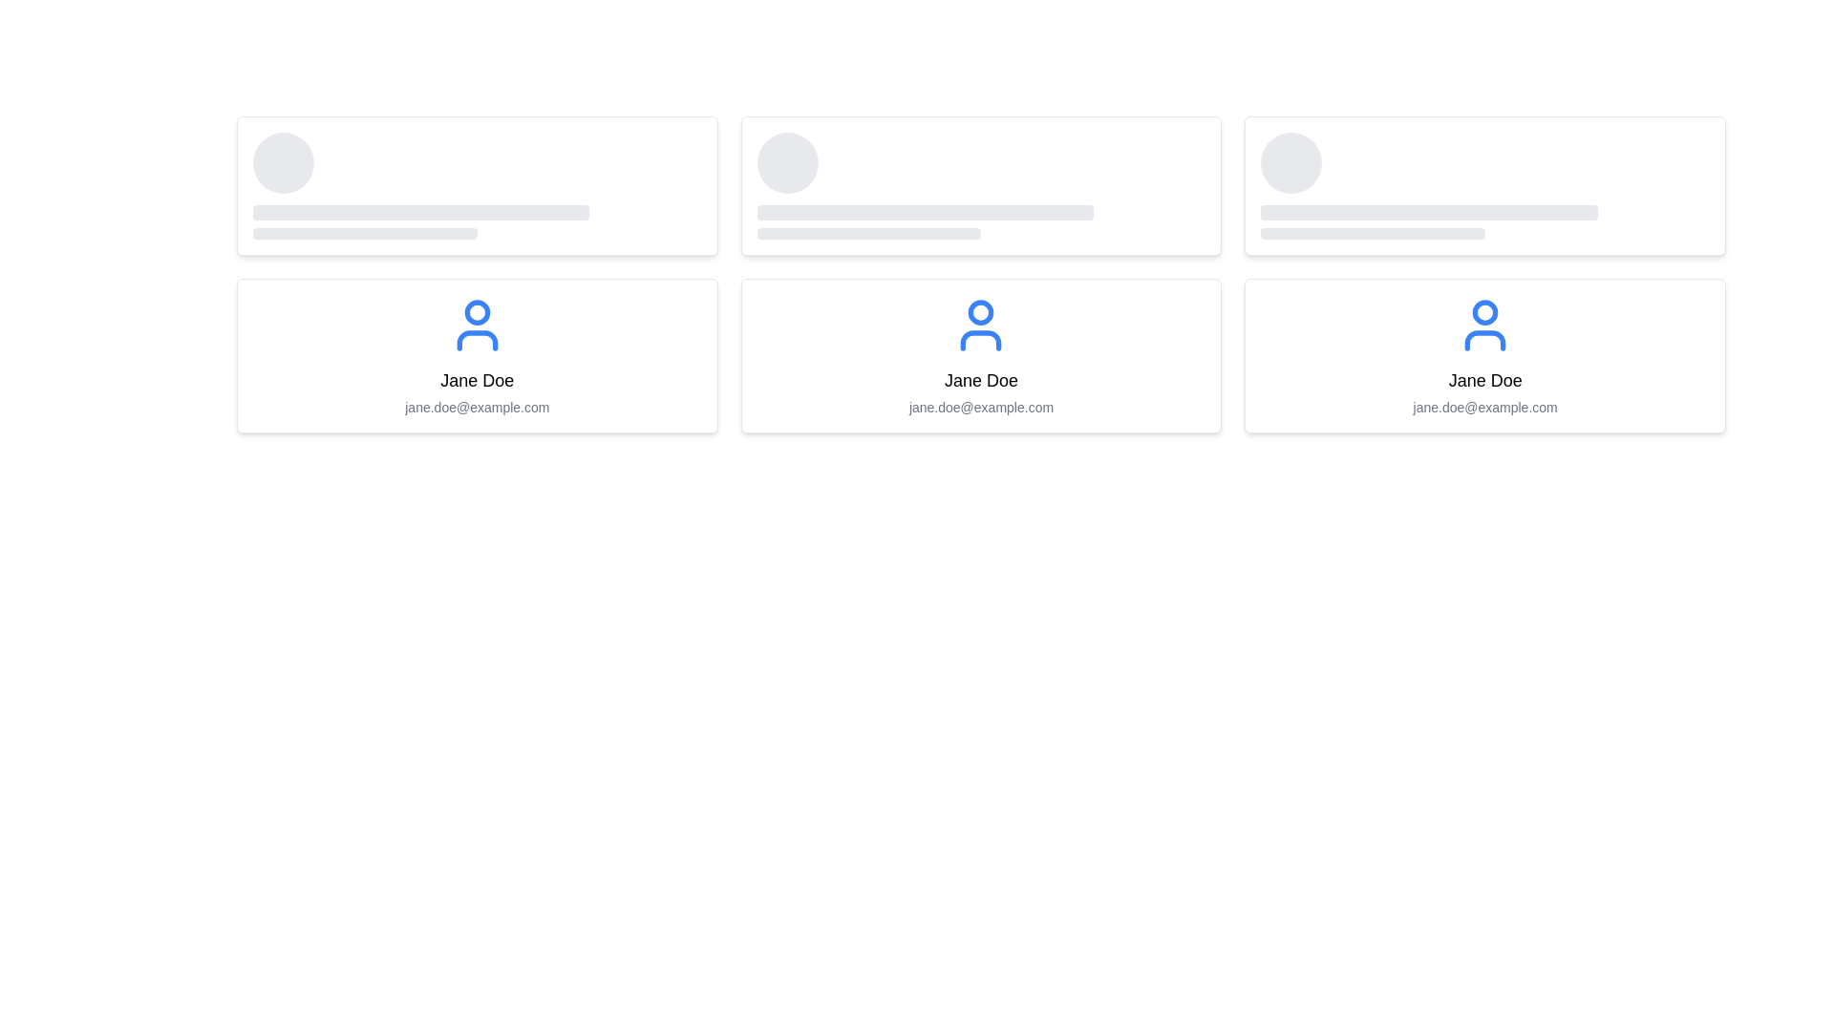 The height and width of the screenshot is (1031, 1834). Describe the element at coordinates (1484, 356) in the screenshot. I see `the user overview card located in the last column of the second row` at that location.